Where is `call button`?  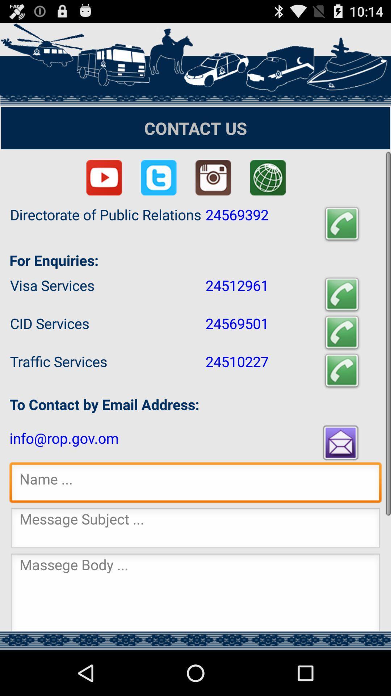
call button is located at coordinates (342, 370).